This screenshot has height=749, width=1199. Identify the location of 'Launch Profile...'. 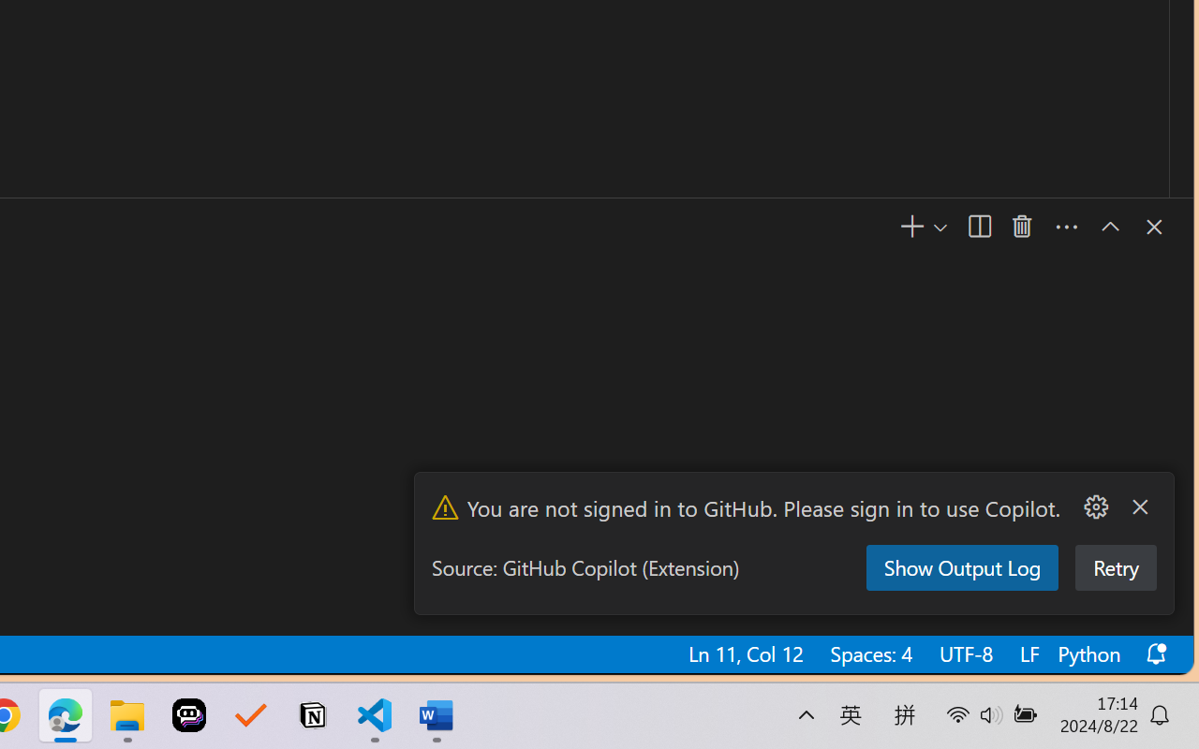
(939, 227).